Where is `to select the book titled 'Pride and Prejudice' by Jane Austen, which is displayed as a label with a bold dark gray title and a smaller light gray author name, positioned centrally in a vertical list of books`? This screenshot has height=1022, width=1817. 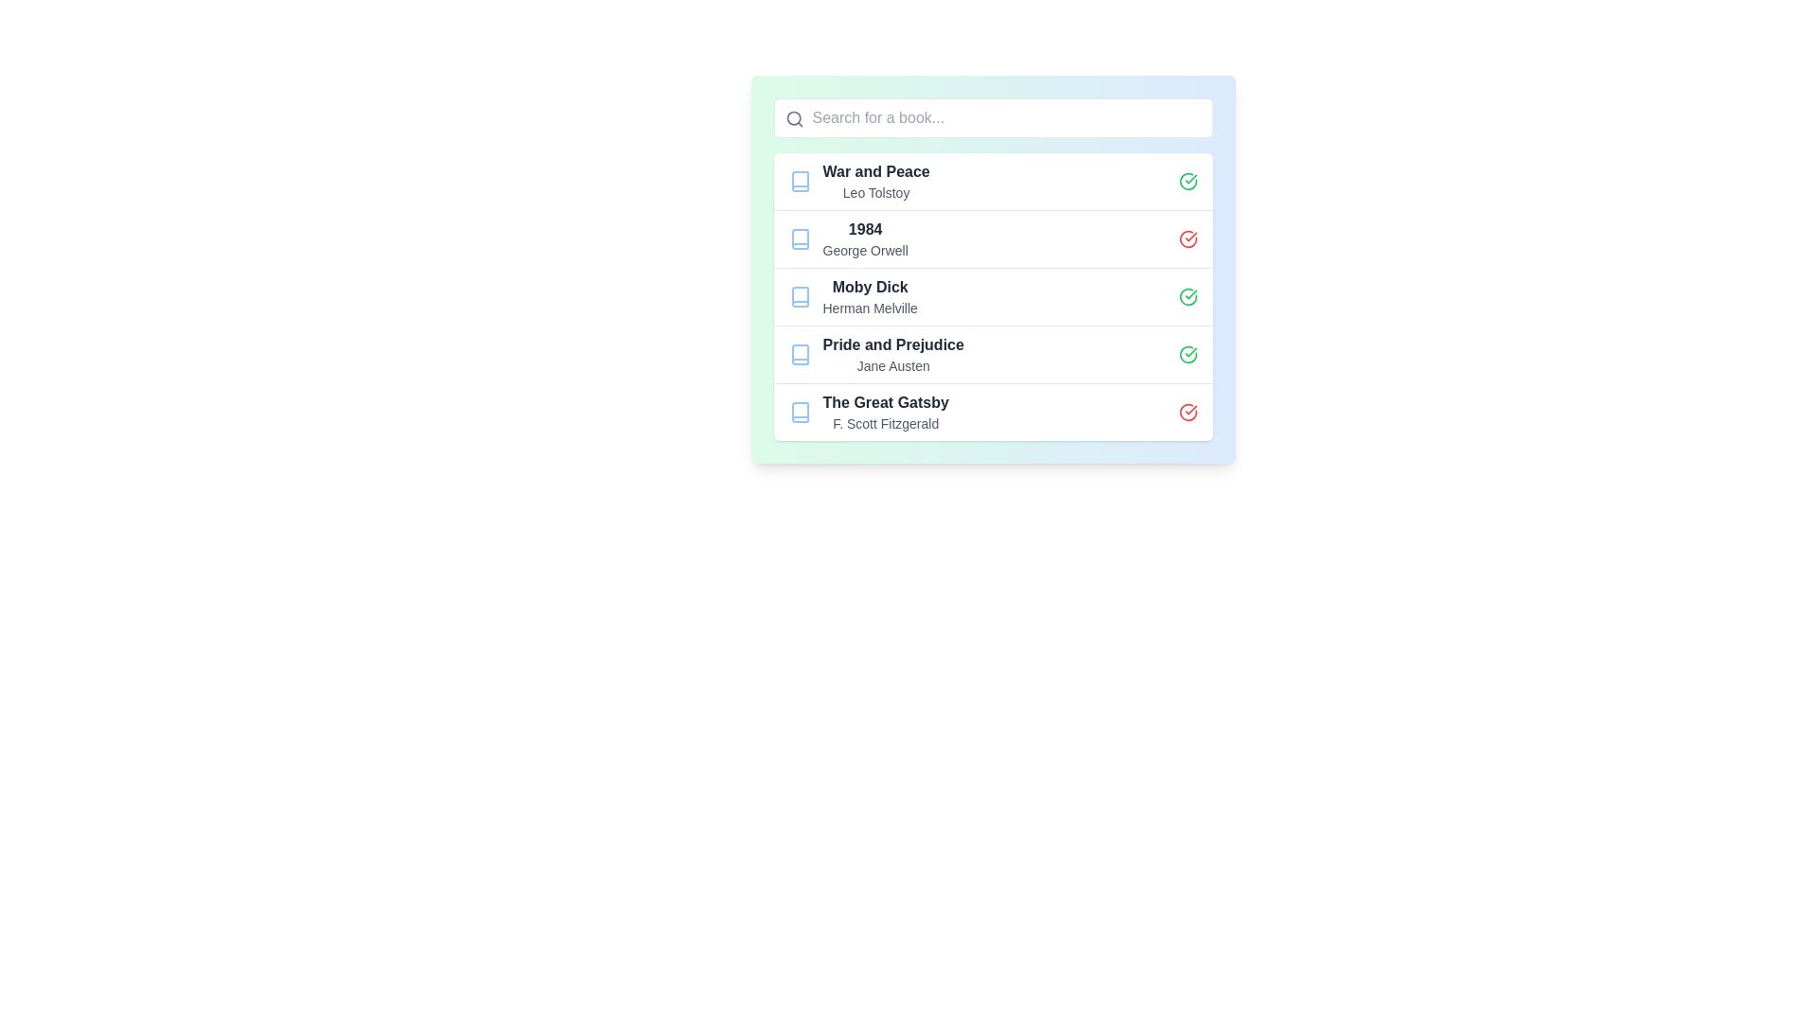 to select the book titled 'Pride and Prejudice' by Jane Austen, which is displayed as a label with a bold dark gray title and a smaller light gray author name, positioned centrally in a vertical list of books is located at coordinates (892, 354).